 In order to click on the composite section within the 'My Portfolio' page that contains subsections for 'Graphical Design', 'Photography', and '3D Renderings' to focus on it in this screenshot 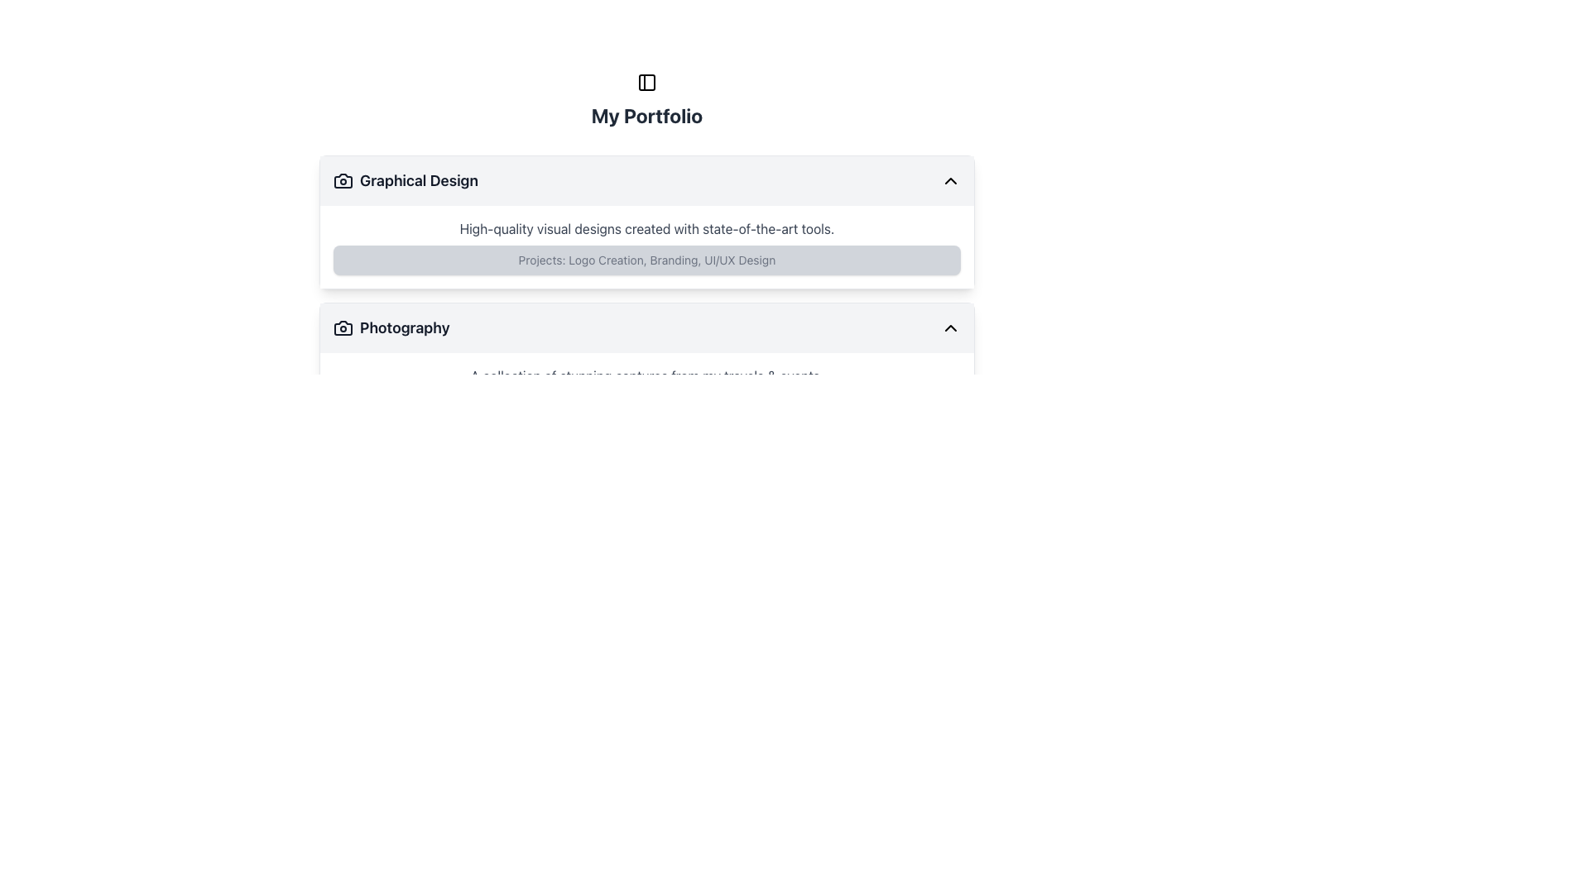, I will do `click(646, 369)`.